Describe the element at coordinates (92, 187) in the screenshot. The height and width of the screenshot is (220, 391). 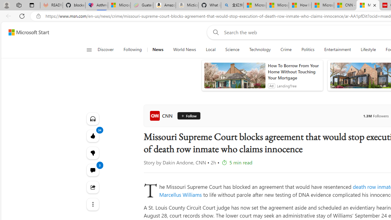
I see `'Share this story'` at that location.